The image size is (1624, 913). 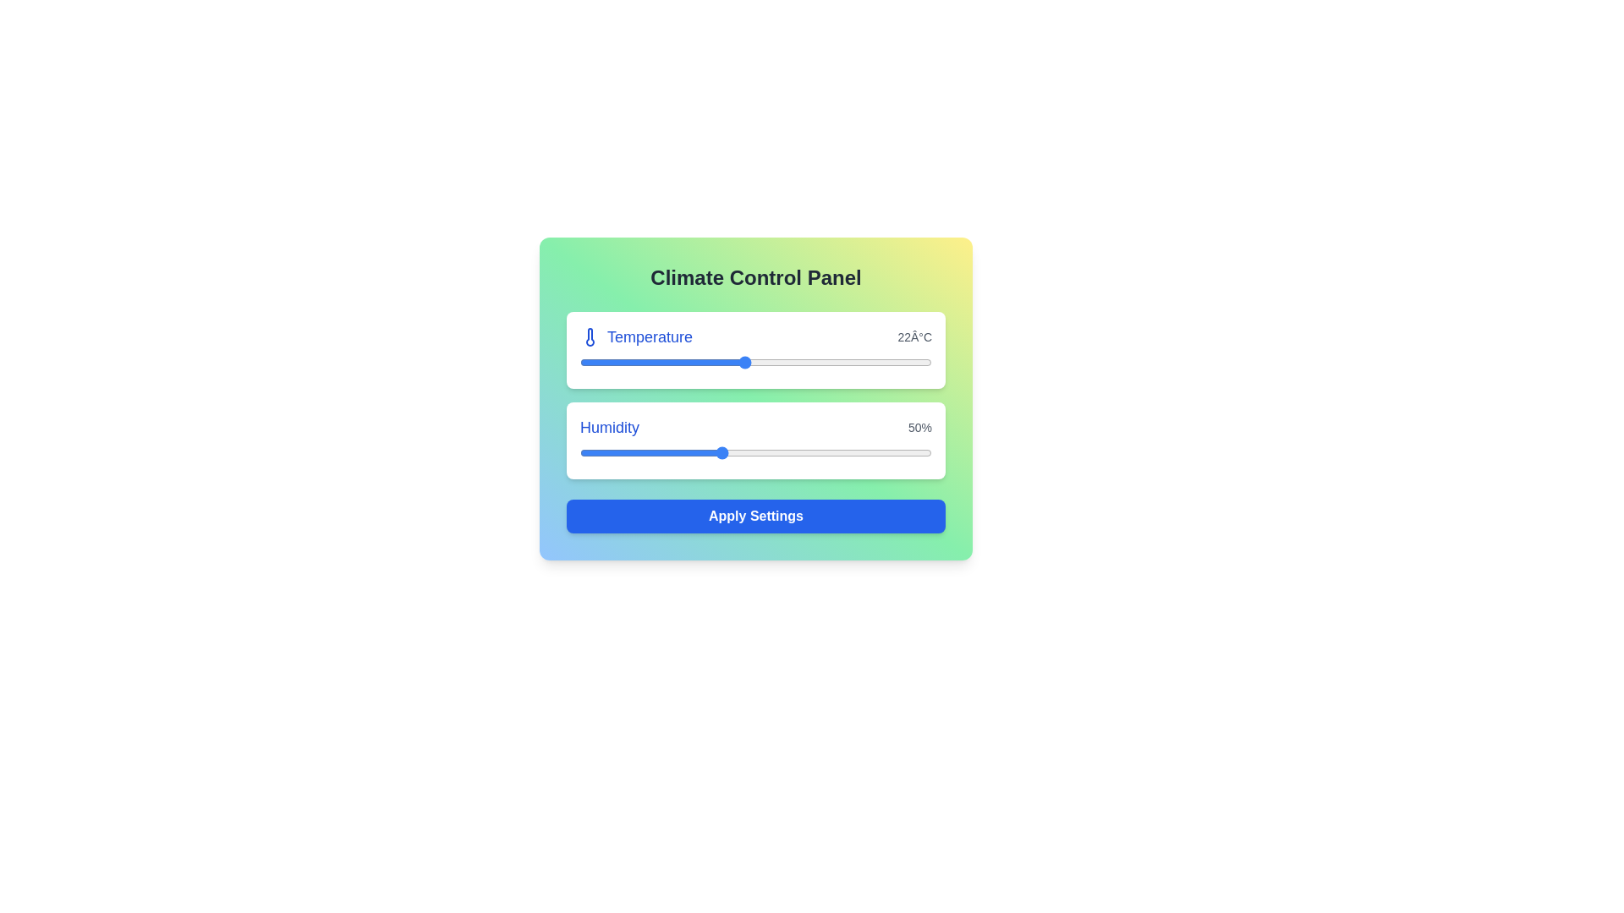 What do you see at coordinates (790, 361) in the screenshot?
I see `the temperature slider` at bounding box center [790, 361].